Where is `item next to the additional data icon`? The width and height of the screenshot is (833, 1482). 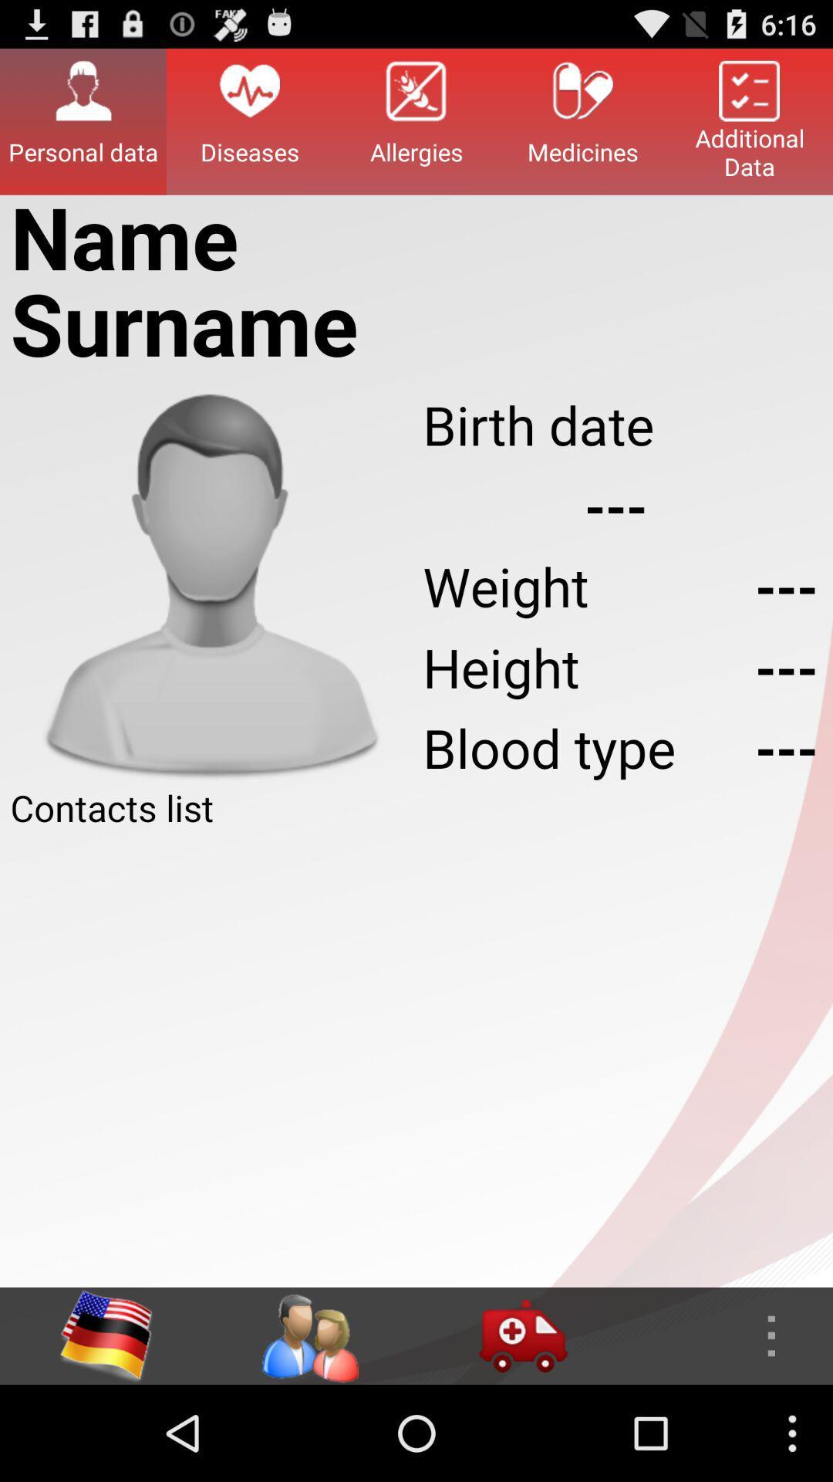
item next to the additional data icon is located at coordinates (583, 120).